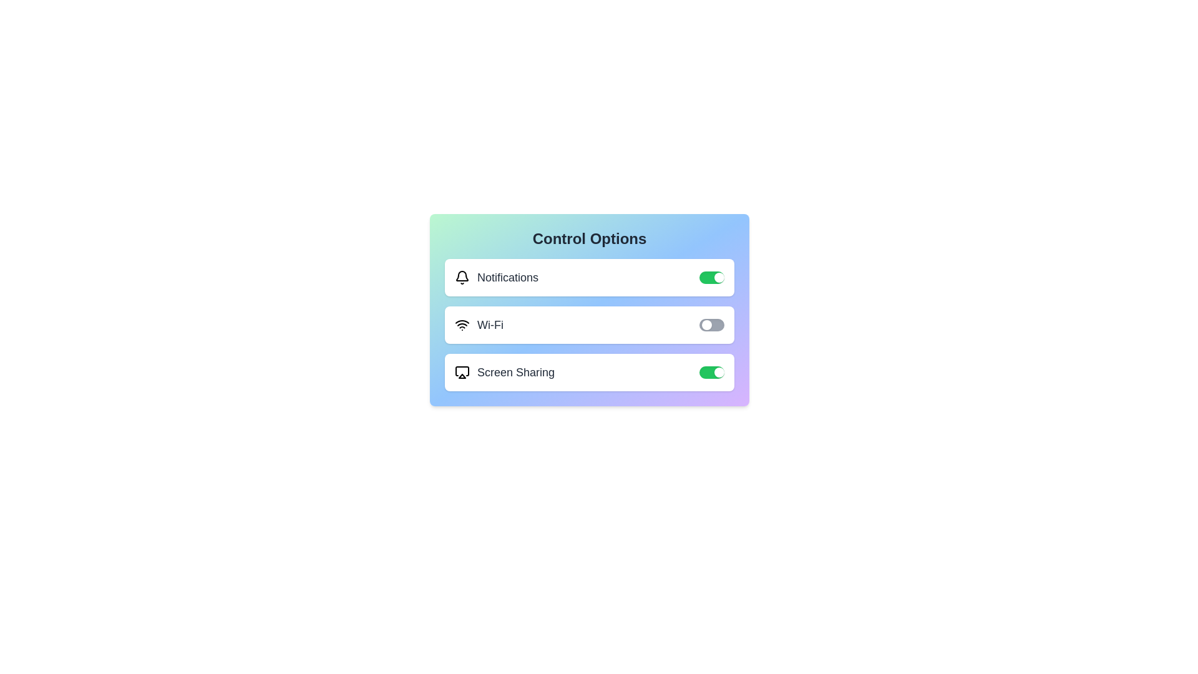 Image resolution: width=1198 pixels, height=674 pixels. I want to click on the switch corresponding to Screen Sharing, so click(712, 372).